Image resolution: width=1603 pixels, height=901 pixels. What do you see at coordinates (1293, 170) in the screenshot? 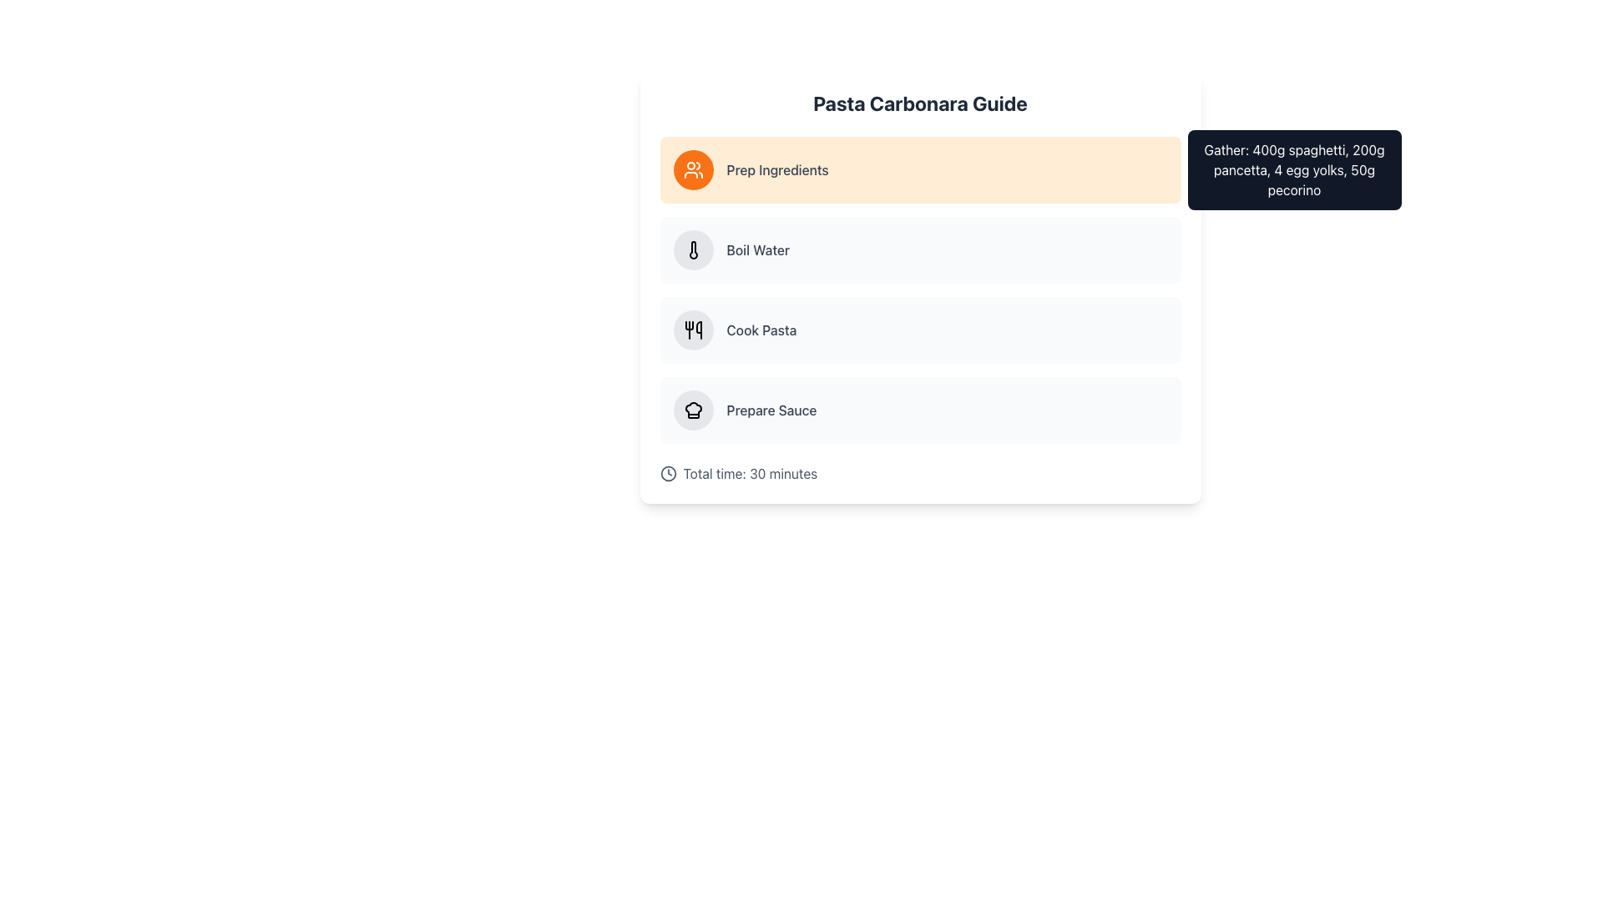
I see `the tooltip displaying cooking instructions with dark background and white text, positioned to the right of the 'Prep Ingredients' button` at bounding box center [1293, 170].